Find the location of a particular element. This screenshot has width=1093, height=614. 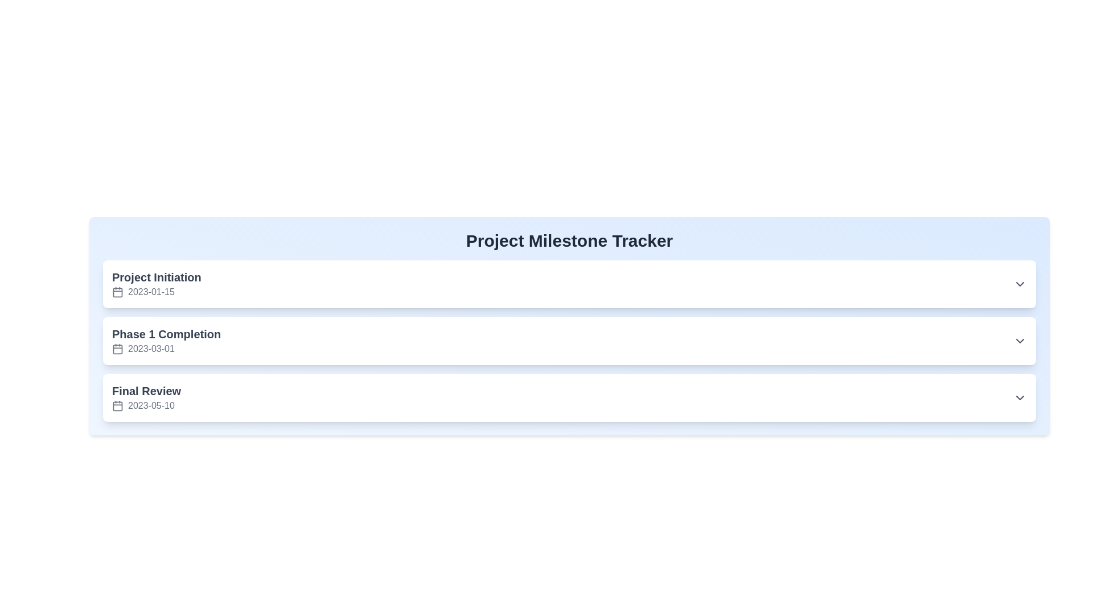

text displayed in the milestone title and its associated date, located in the text block with an icon positioned between 'Project Initiation' and 'Final Review' is located at coordinates (166, 341).